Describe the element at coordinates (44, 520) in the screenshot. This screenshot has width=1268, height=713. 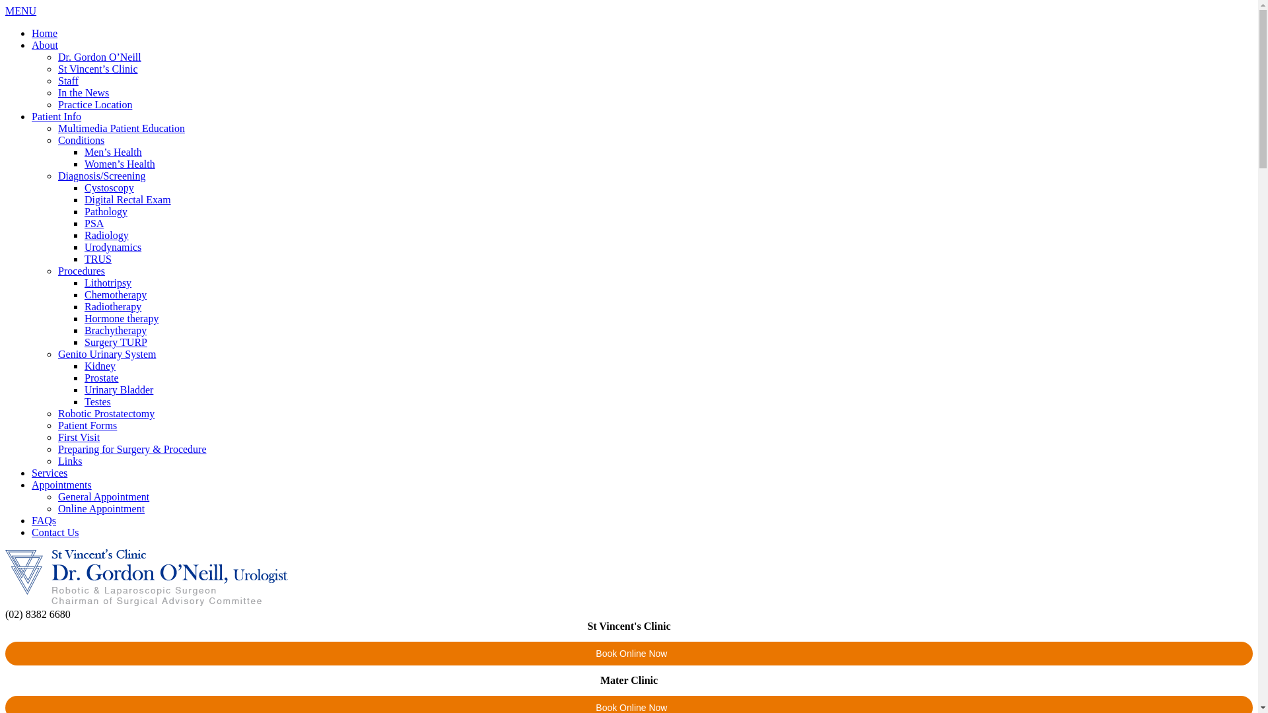
I see `'FAQs'` at that location.